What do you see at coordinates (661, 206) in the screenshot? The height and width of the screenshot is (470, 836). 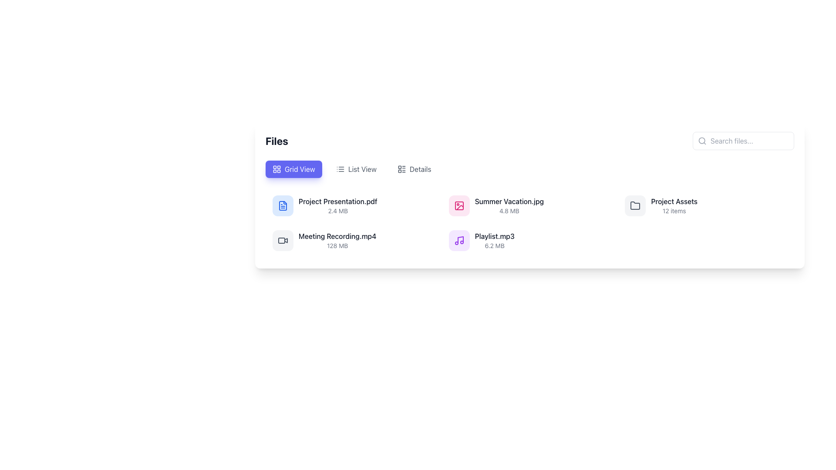 I see `the Folder card labeled 'Project Assets' located at the bottom row of the grid layout` at bounding box center [661, 206].